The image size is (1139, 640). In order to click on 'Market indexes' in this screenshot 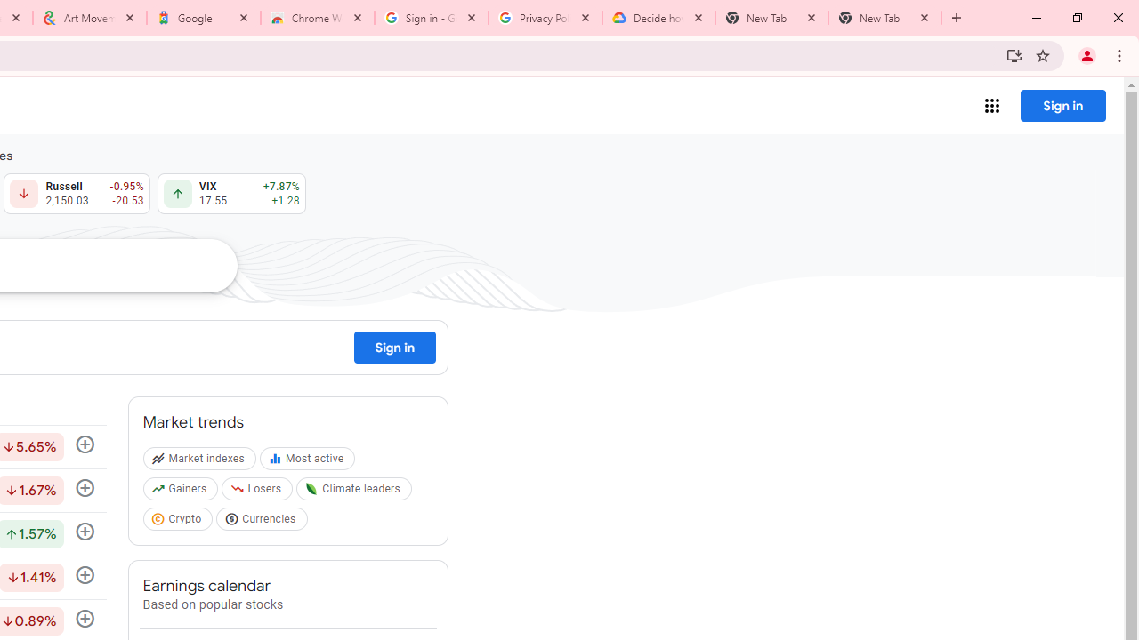, I will do `click(201, 461)`.